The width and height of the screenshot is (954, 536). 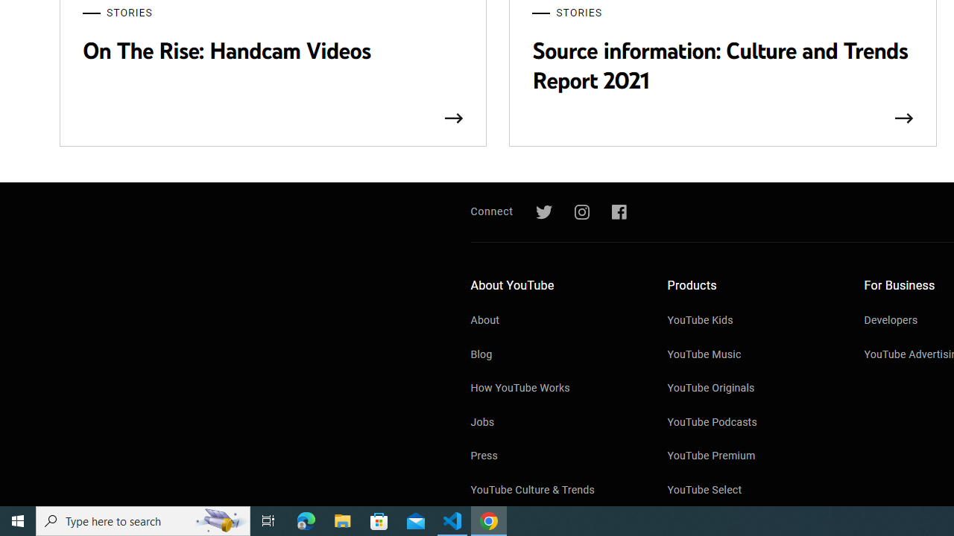 I want to click on 'Facebook', so click(x=619, y=212).